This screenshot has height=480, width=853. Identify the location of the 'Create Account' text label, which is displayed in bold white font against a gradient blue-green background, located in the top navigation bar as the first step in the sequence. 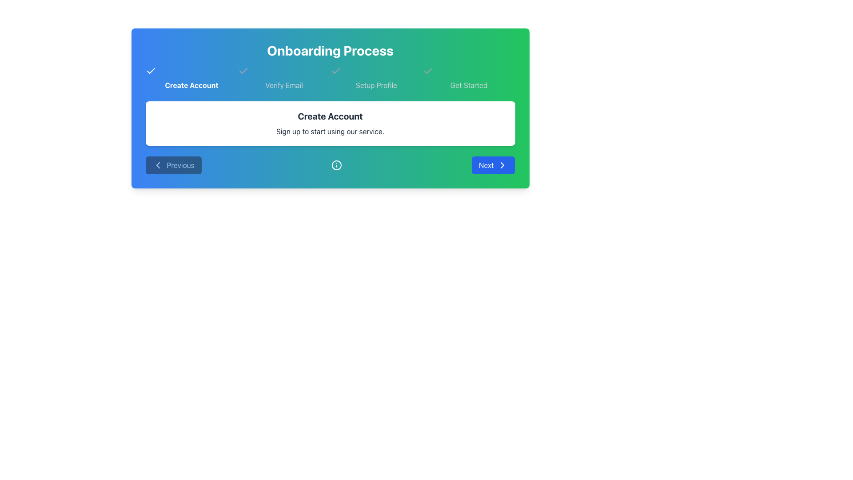
(191, 85).